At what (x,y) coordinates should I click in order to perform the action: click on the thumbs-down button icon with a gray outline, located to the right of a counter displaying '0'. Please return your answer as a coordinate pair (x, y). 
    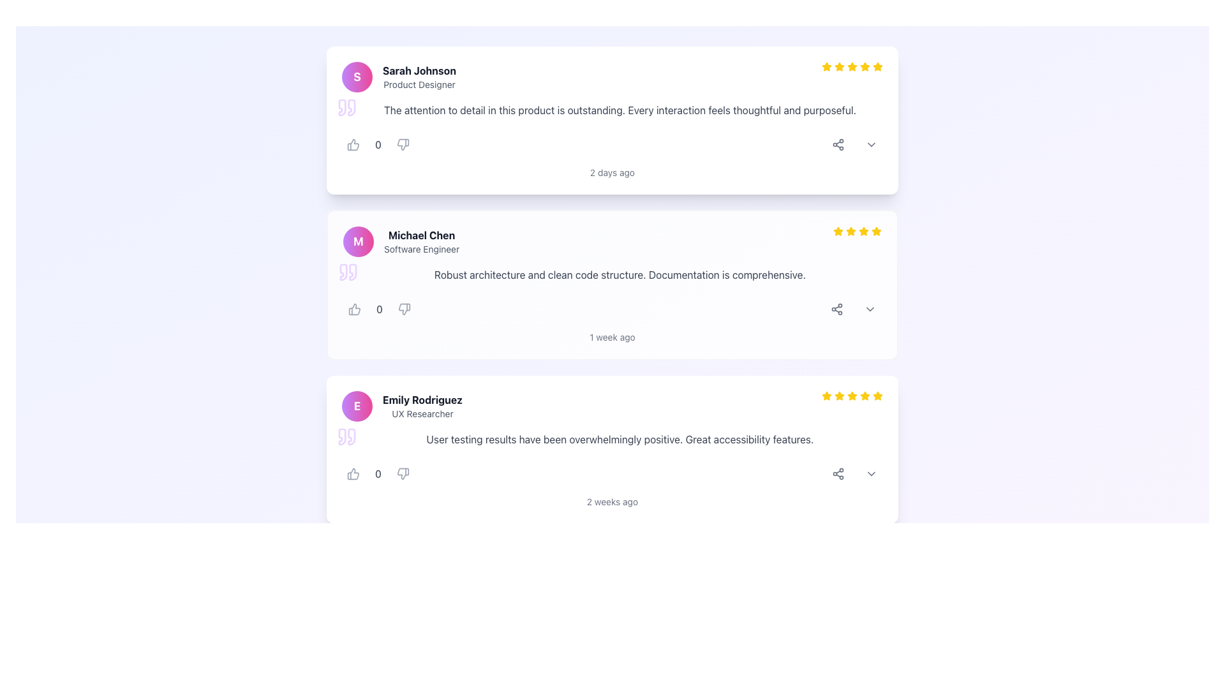
    Looking at the image, I should click on (403, 144).